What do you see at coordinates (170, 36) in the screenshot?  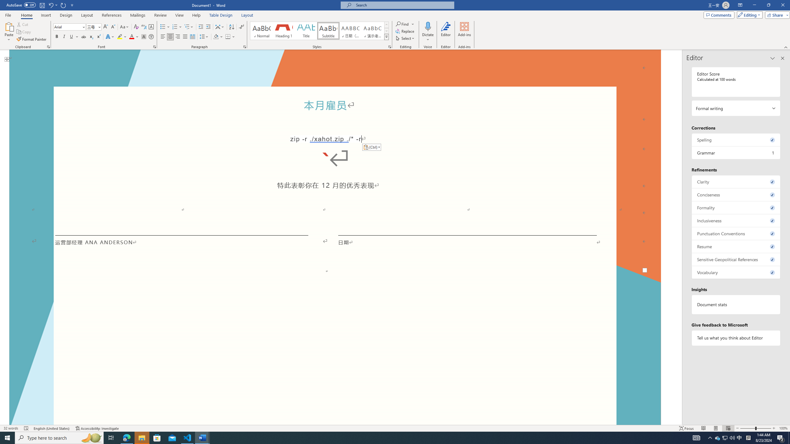 I see `'Center'` at bounding box center [170, 36].